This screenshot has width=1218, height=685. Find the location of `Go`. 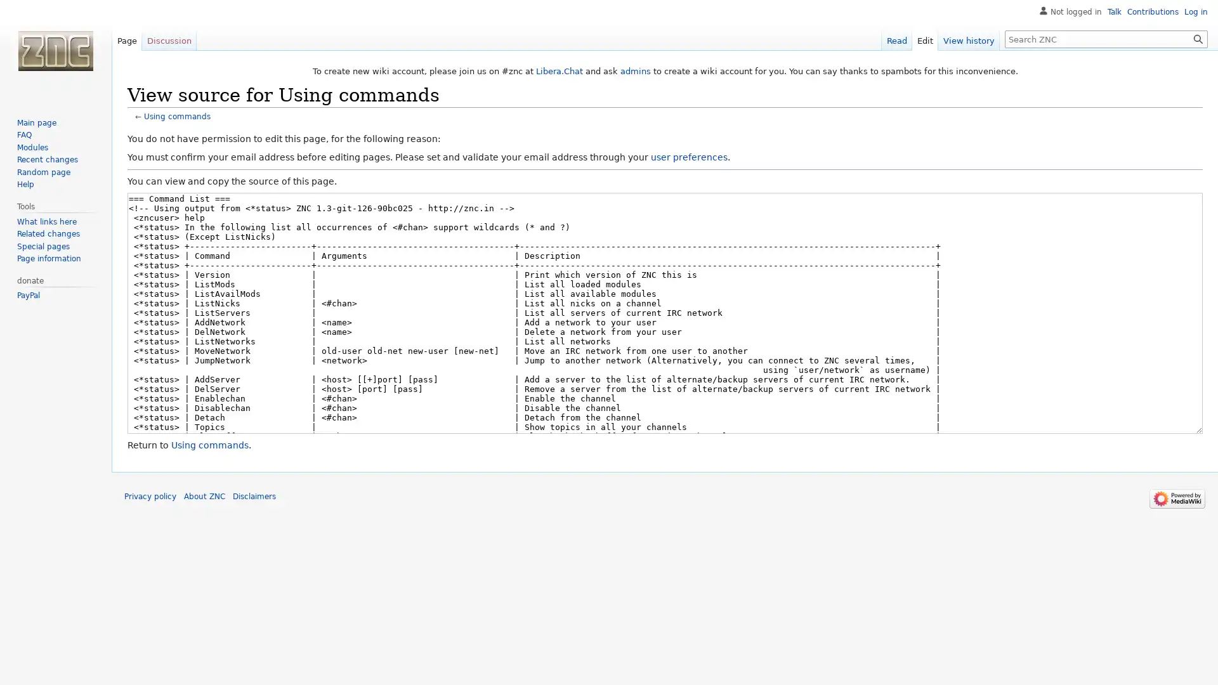

Go is located at coordinates (1198, 38).